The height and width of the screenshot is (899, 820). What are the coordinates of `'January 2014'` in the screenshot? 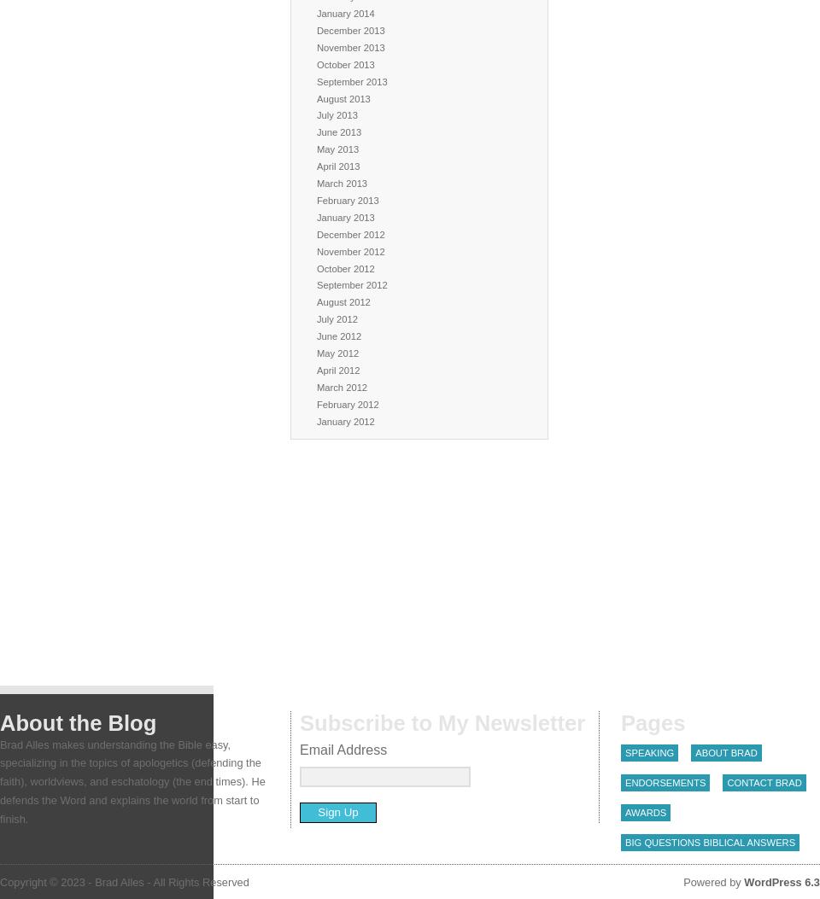 It's located at (344, 12).